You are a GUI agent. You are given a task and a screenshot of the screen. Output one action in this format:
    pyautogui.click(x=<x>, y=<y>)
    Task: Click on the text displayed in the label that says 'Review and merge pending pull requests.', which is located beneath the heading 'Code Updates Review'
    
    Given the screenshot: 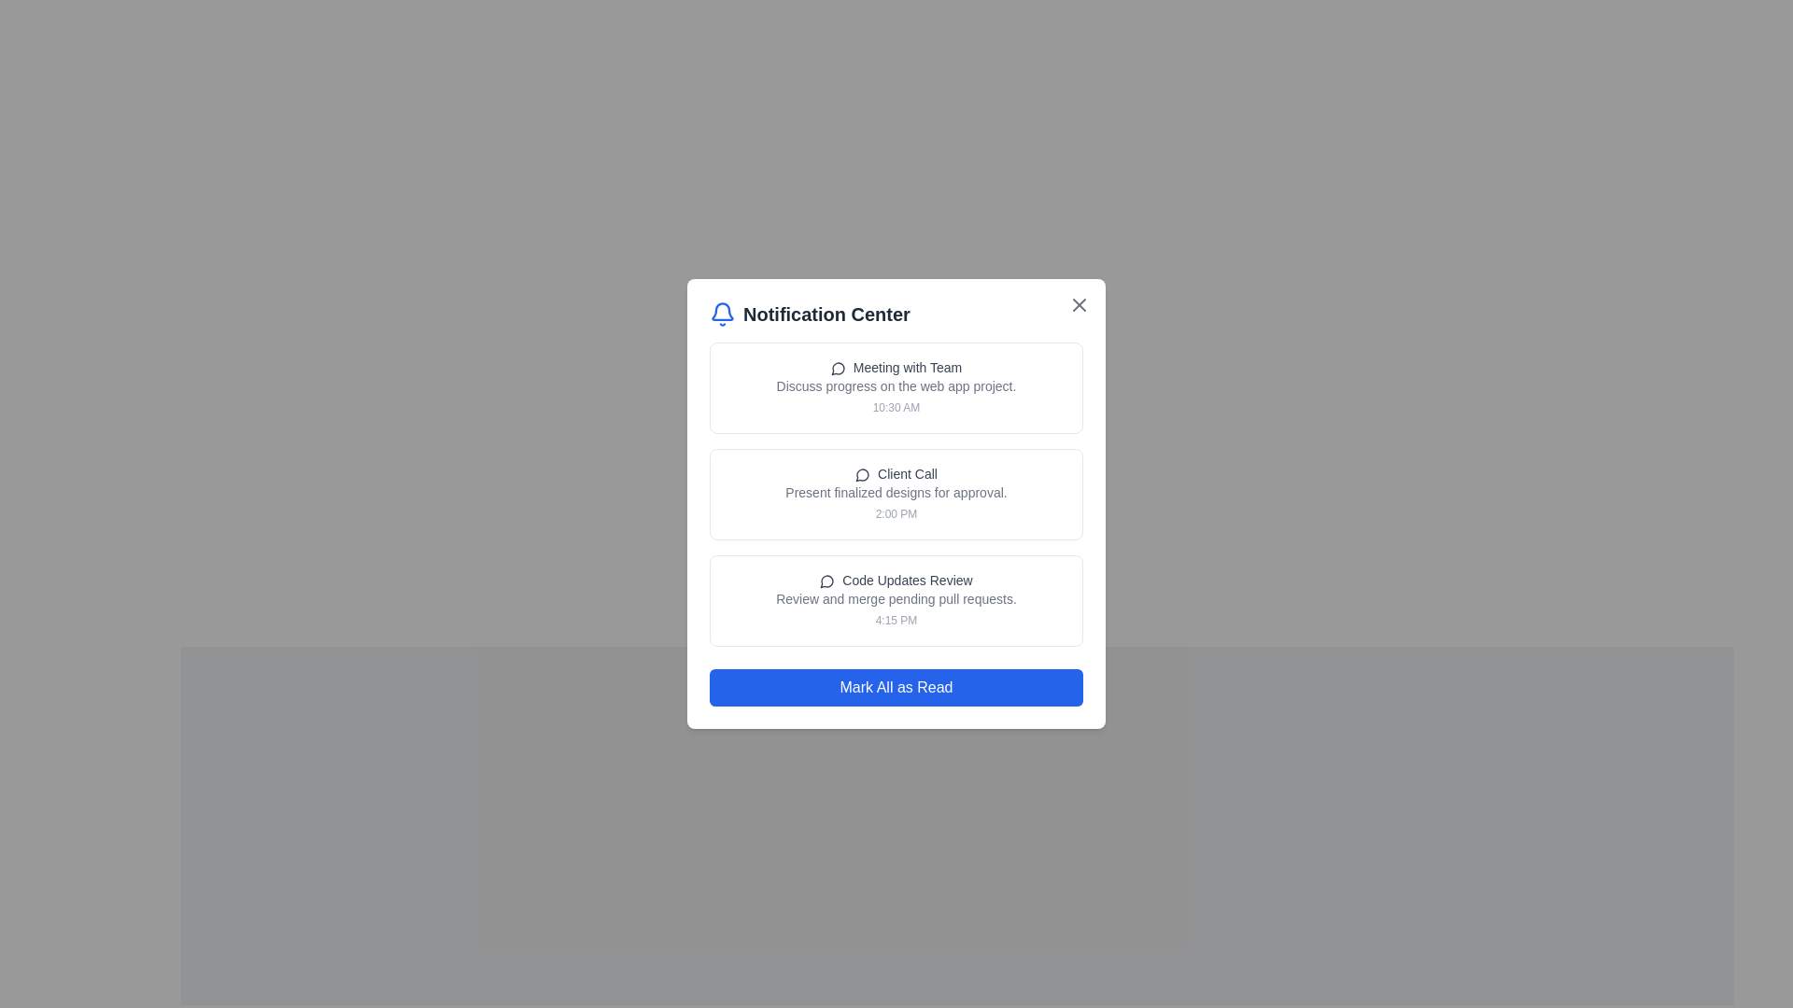 What is the action you would take?
    pyautogui.click(x=896, y=598)
    